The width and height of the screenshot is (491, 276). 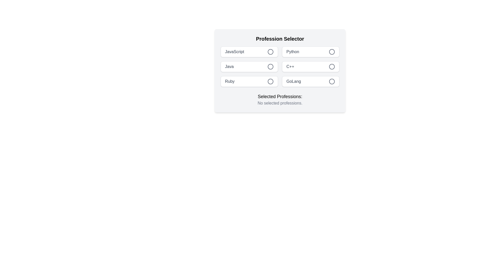 I want to click on the text label element displaying 'Python' located in the center-top area of the interface, specifically in the second column of the first row of options, so click(x=293, y=52).